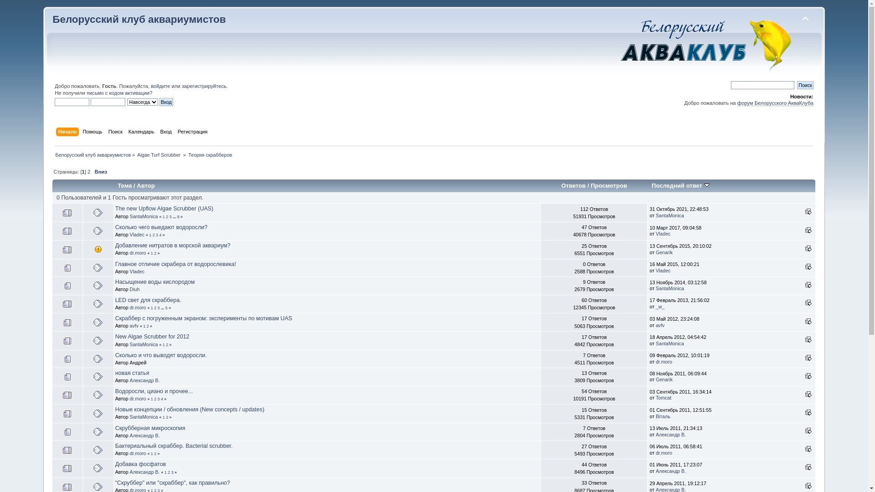 The width and height of the screenshot is (875, 492). What do you see at coordinates (669, 215) in the screenshot?
I see `'SantaMonica'` at bounding box center [669, 215].